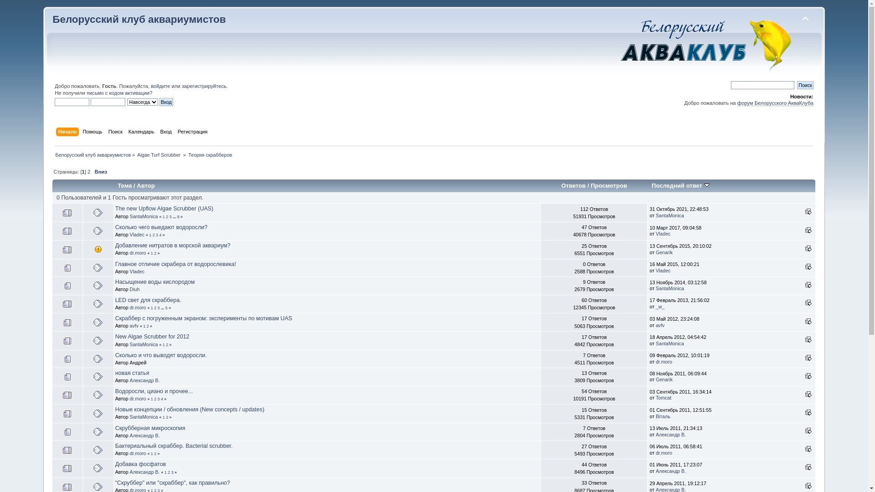 The width and height of the screenshot is (875, 492). What do you see at coordinates (669, 215) in the screenshot?
I see `'SantaMonica'` at bounding box center [669, 215].